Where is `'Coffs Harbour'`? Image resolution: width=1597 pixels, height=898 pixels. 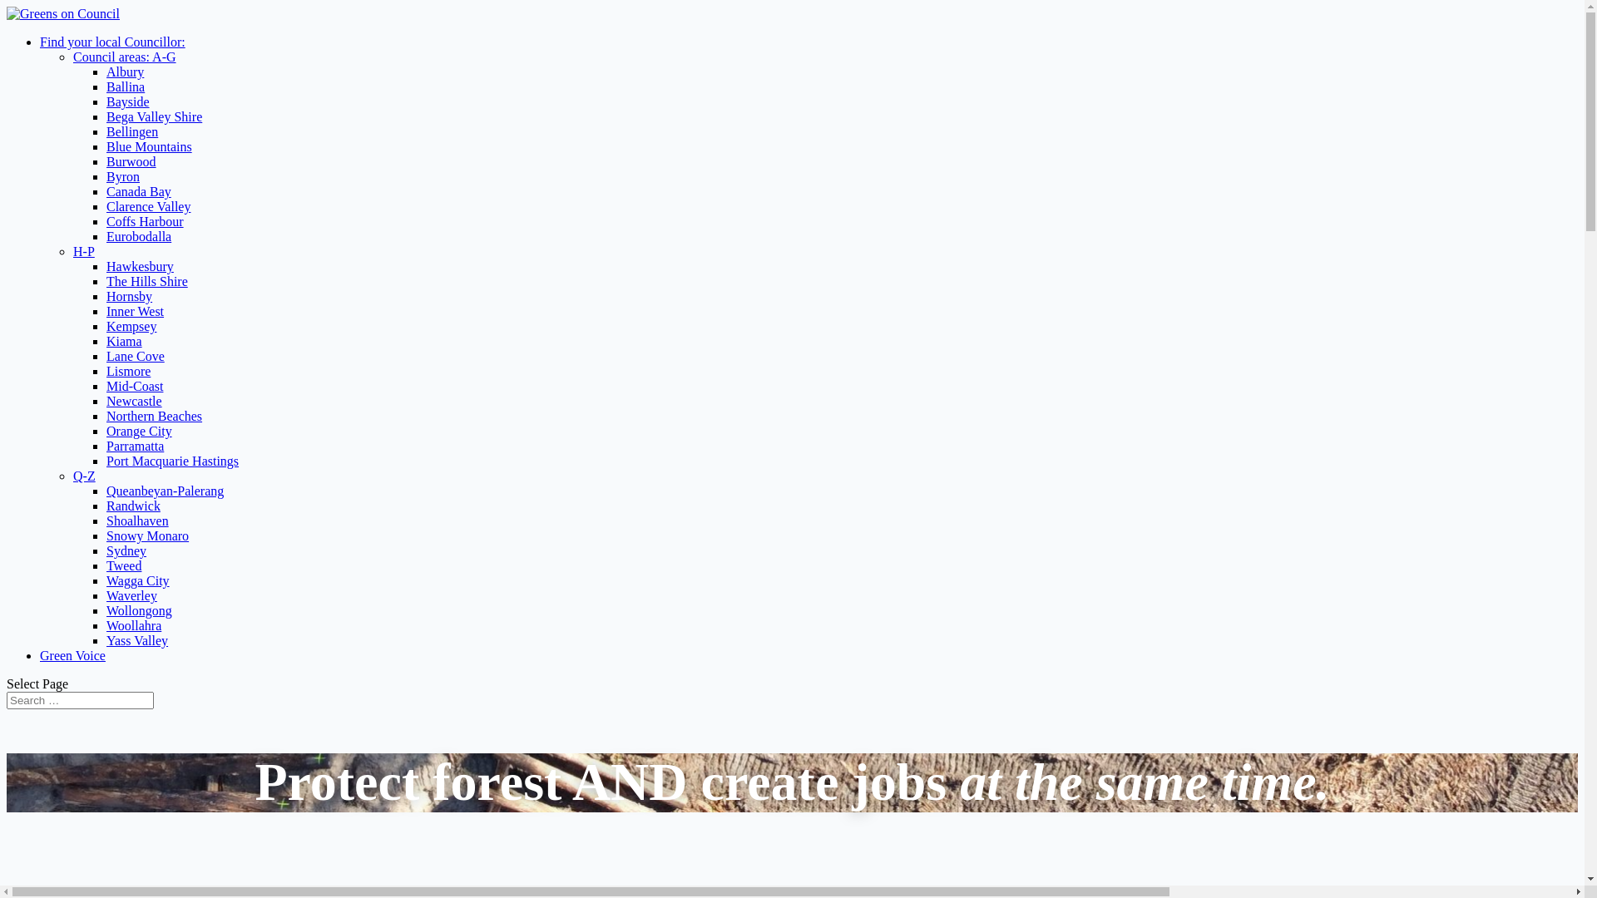
'Coffs Harbour' is located at coordinates (145, 220).